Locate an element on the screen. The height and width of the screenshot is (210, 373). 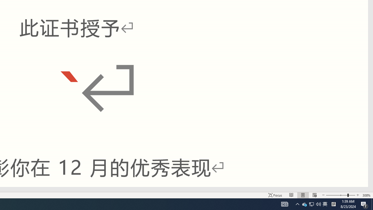
'Q2790: 100%' is located at coordinates (318, 204).